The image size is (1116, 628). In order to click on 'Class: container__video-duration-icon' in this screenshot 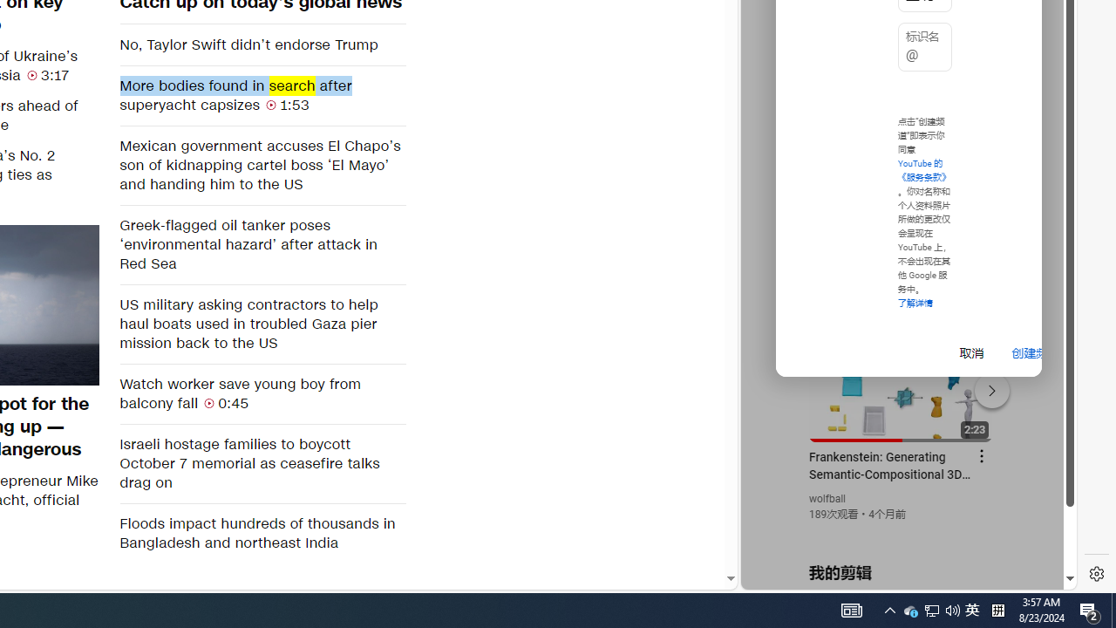, I will do `click(209, 403)`.